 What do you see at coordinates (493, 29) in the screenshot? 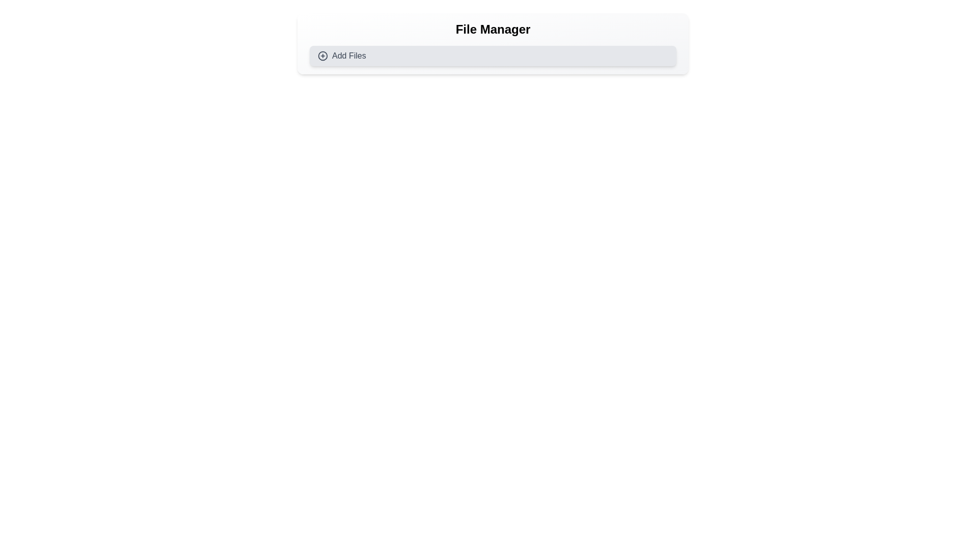
I see `the header or title text indicating file management, which is located at the top-center of the component above the 'Add Files' button` at bounding box center [493, 29].